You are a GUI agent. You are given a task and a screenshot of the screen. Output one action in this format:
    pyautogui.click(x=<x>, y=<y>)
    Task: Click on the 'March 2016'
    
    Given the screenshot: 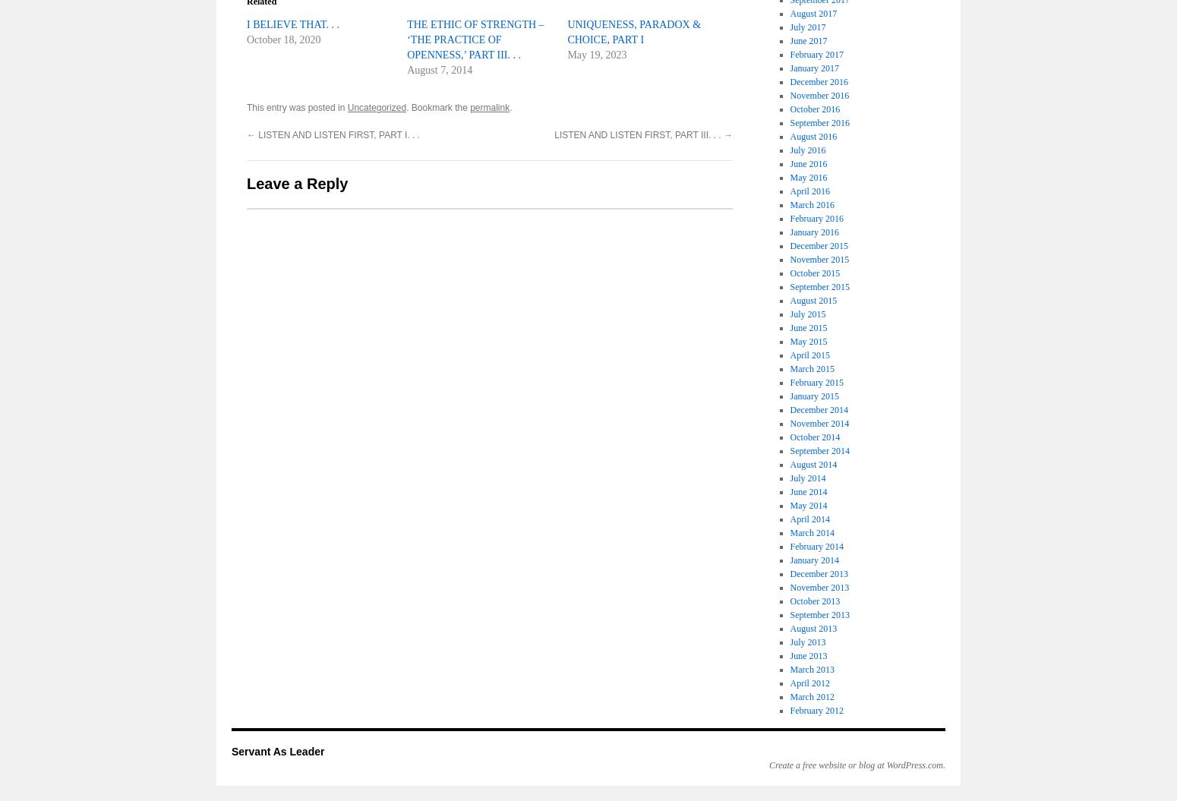 What is the action you would take?
    pyautogui.click(x=812, y=204)
    